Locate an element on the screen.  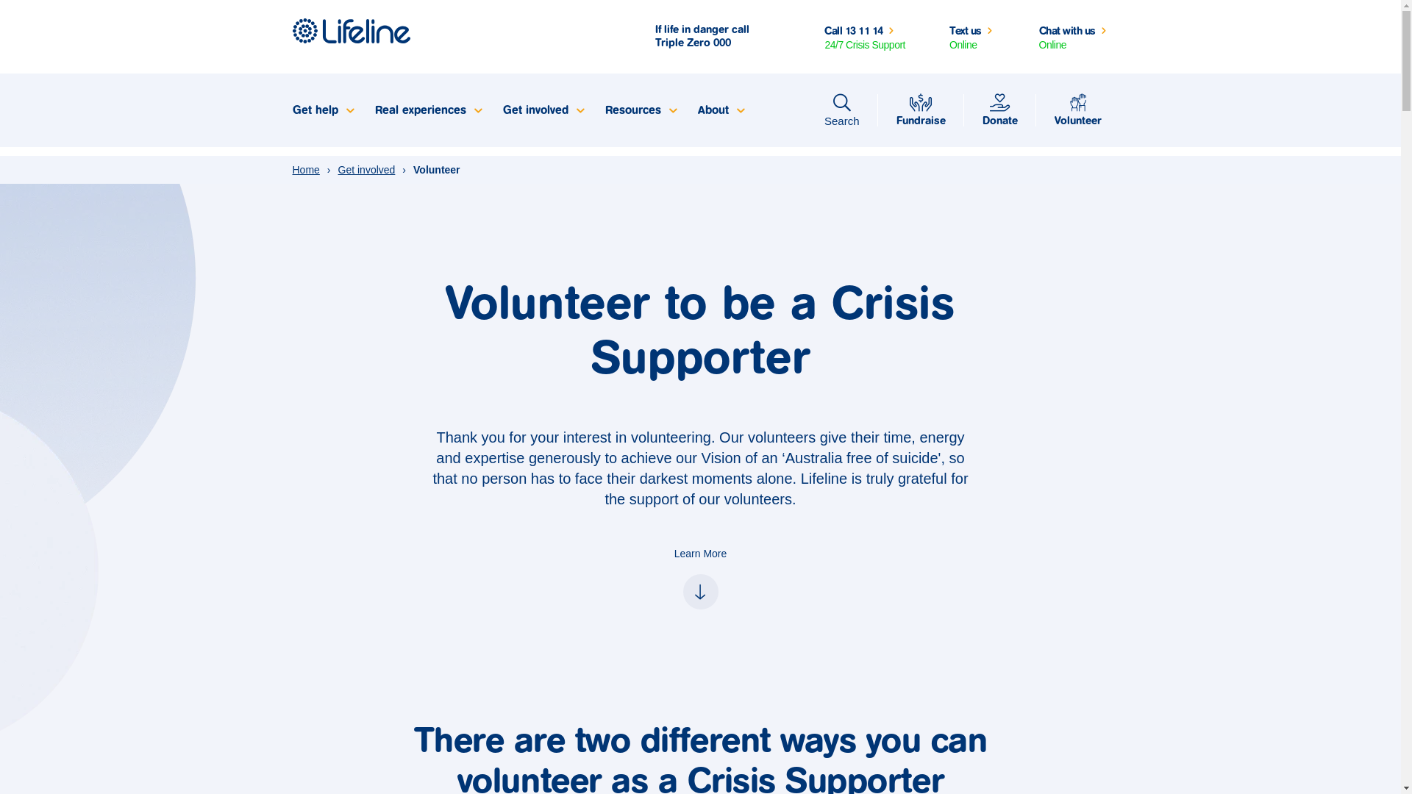
'Resources' is located at coordinates (640, 110).